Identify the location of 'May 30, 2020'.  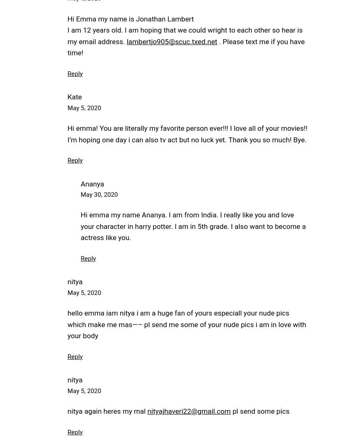
(80, 194).